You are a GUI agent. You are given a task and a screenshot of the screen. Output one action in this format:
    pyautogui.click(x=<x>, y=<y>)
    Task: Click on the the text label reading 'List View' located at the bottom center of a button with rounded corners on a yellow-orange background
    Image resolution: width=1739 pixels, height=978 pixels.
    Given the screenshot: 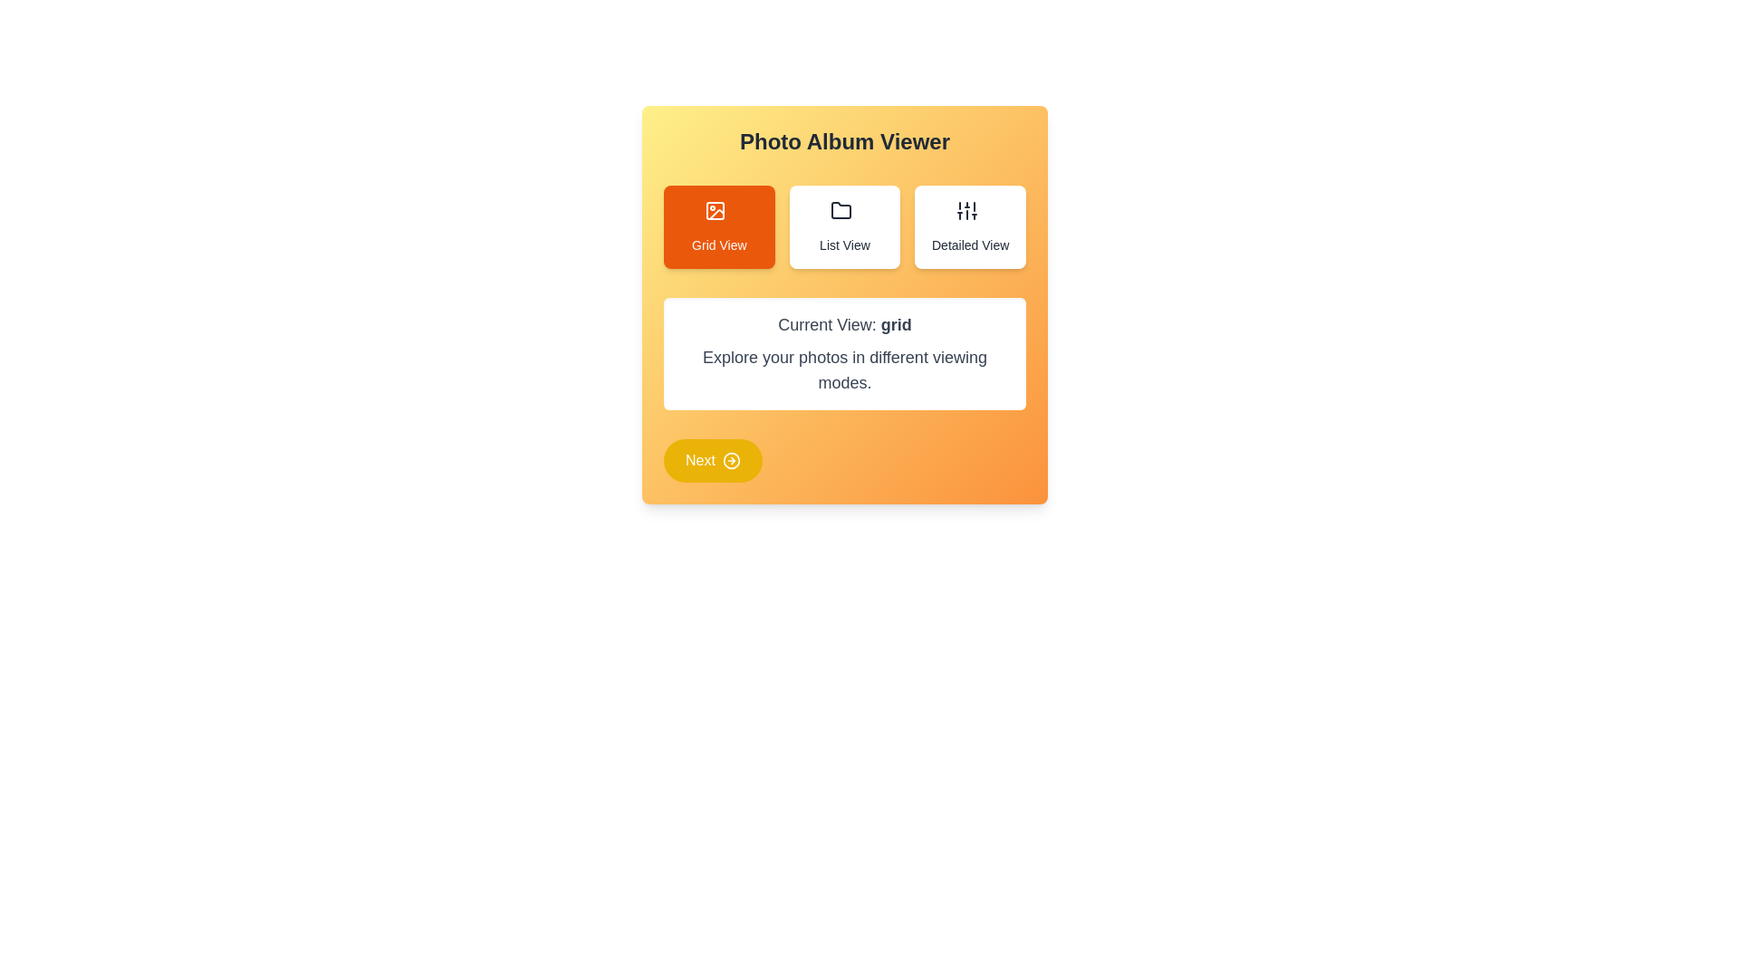 What is the action you would take?
    pyautogui.click(x=843, y=244)
    